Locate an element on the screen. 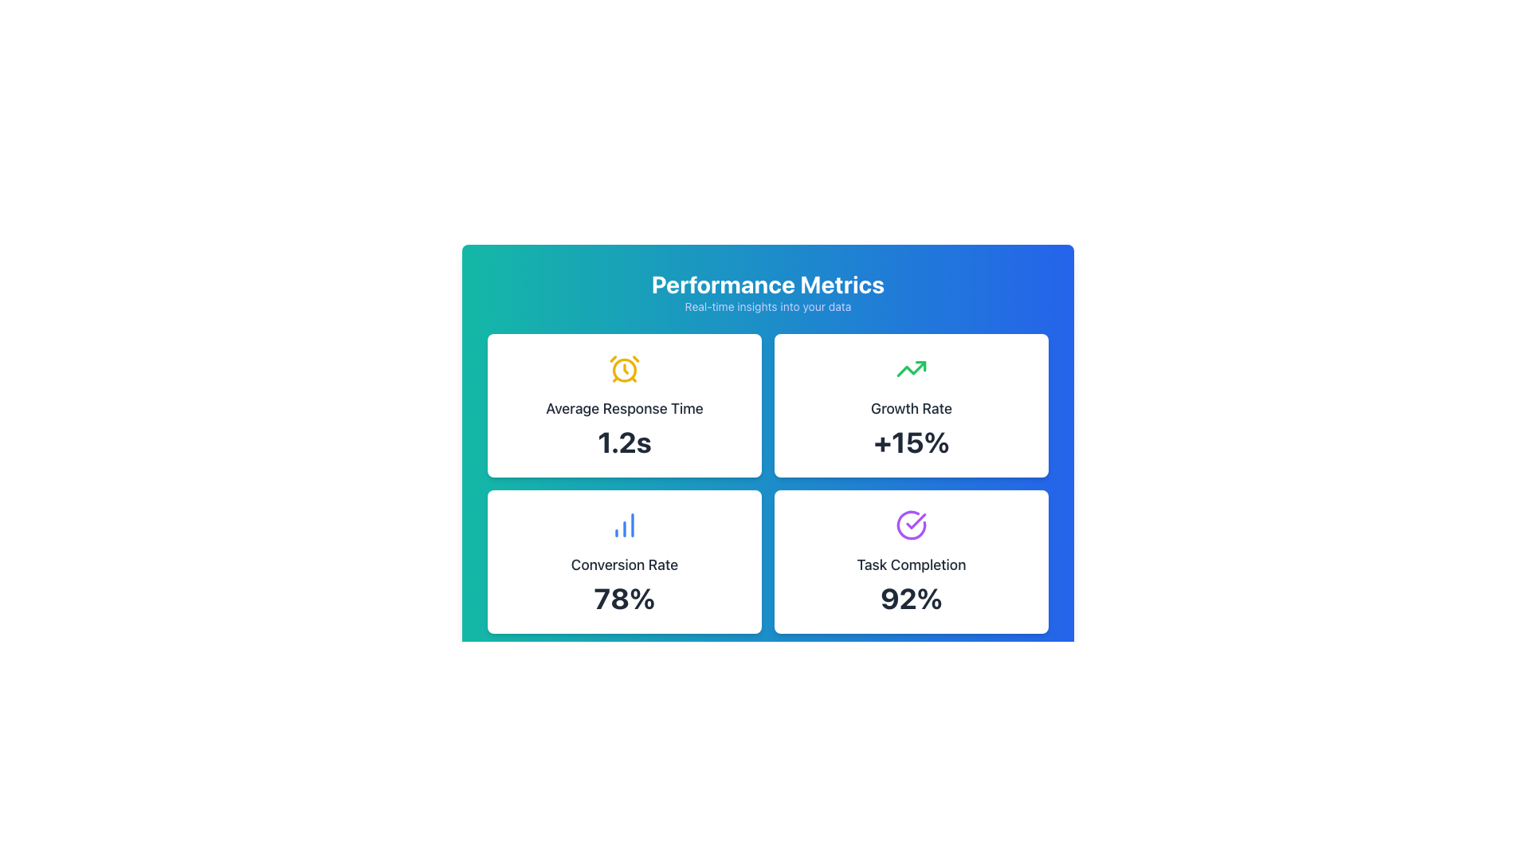  the text label element displaying 'Average Response Time', which is centrally aligned within the card above the text '1.2s' is located at coordinates (623, 408).